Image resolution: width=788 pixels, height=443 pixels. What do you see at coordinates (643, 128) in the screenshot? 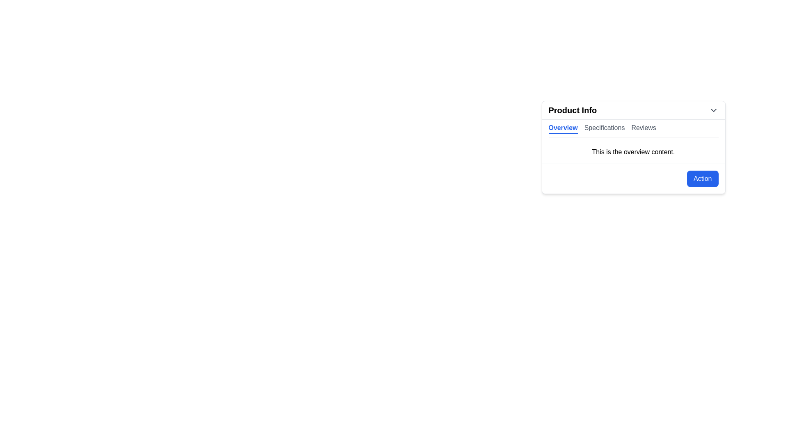
I see `the 'Reviews' tab in the horizontal tab menu located under the 'Product Info' section` at bounding box center [643, 128].